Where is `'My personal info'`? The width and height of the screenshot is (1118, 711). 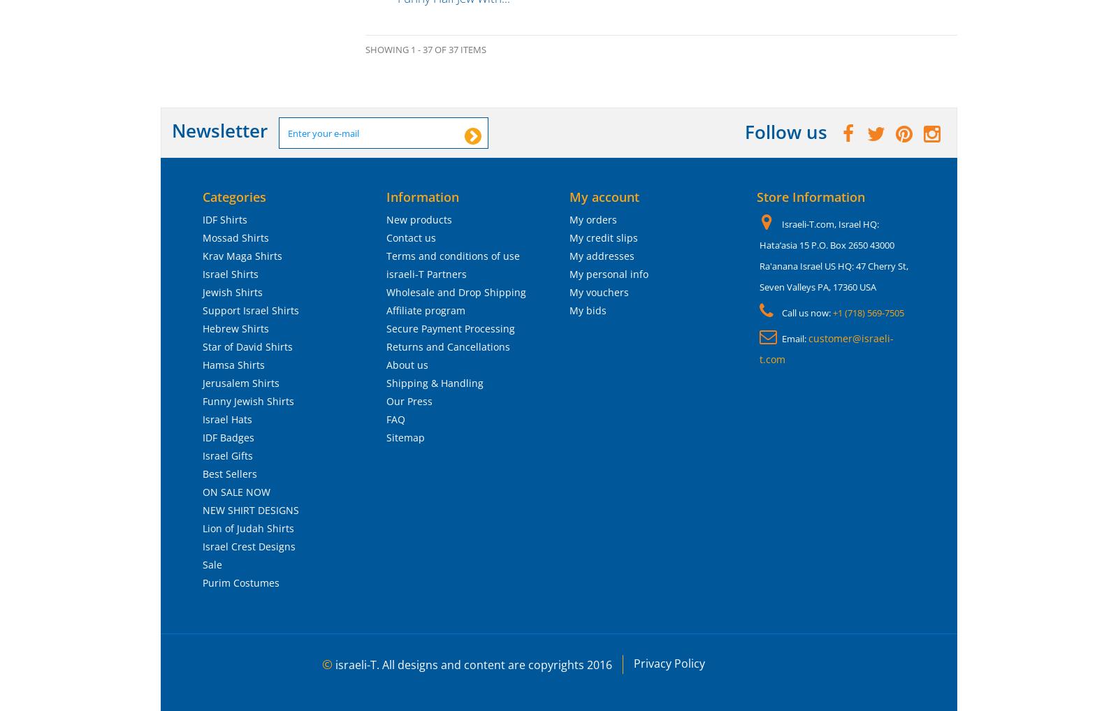 'My personal info' is located at coordinates (608, 274).